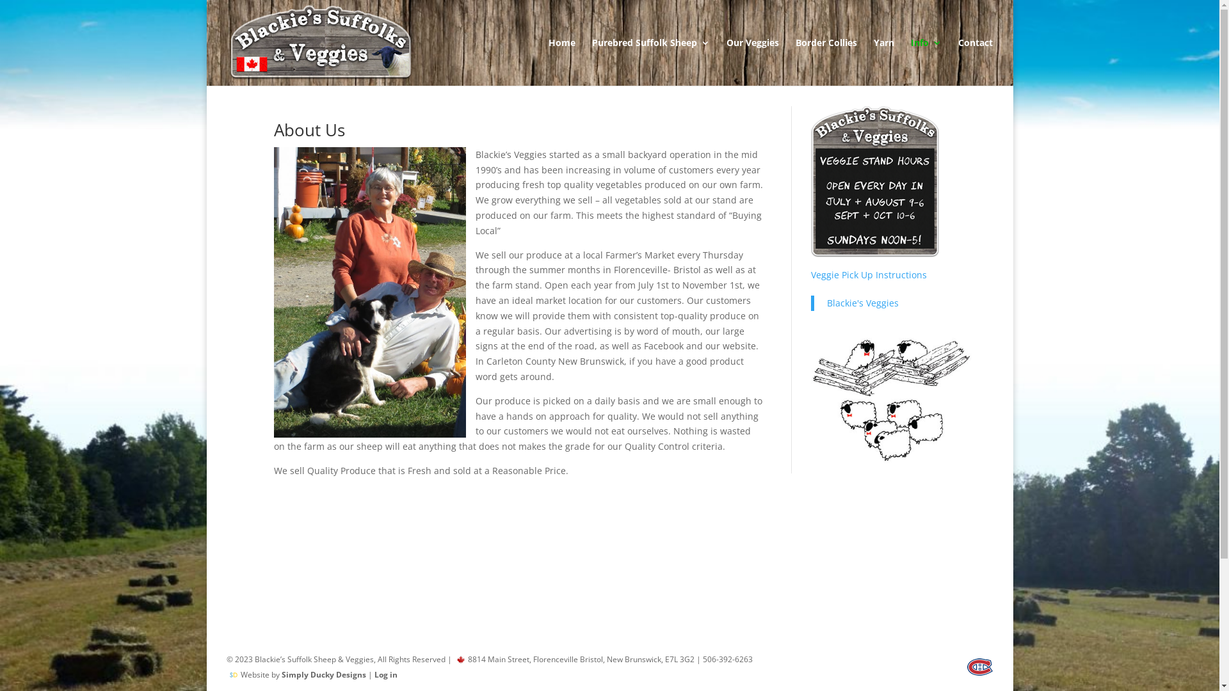  What do you see at coordinates (826, 61) in the screenshot?
I see `'Border Collies'` at bounding box center [826, 61].